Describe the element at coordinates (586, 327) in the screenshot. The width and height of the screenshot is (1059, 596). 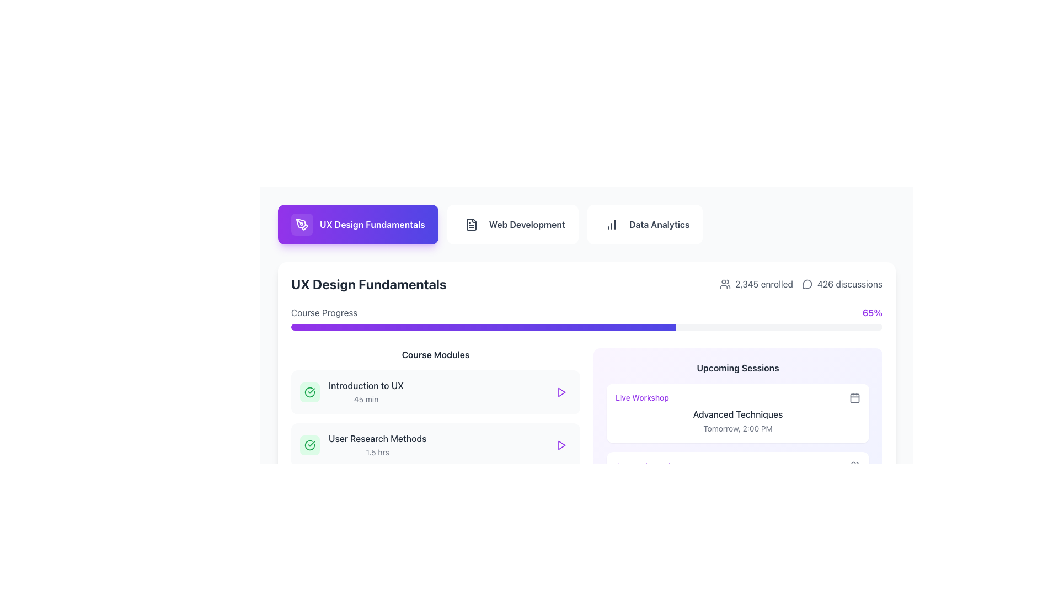
I see `the progress bar indicating 65% completion, located beneath the 'Course Progress' label` at that location.